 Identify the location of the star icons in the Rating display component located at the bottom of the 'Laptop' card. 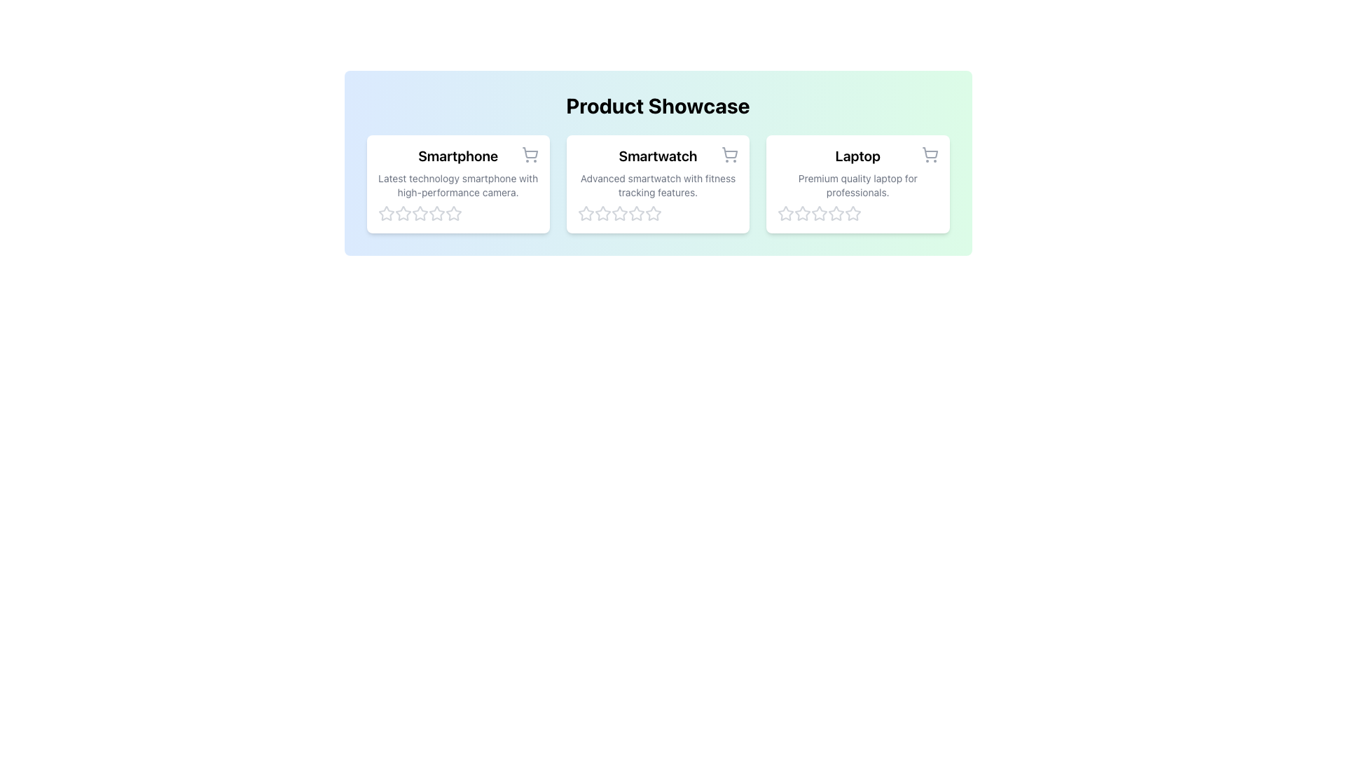
(857, 213).